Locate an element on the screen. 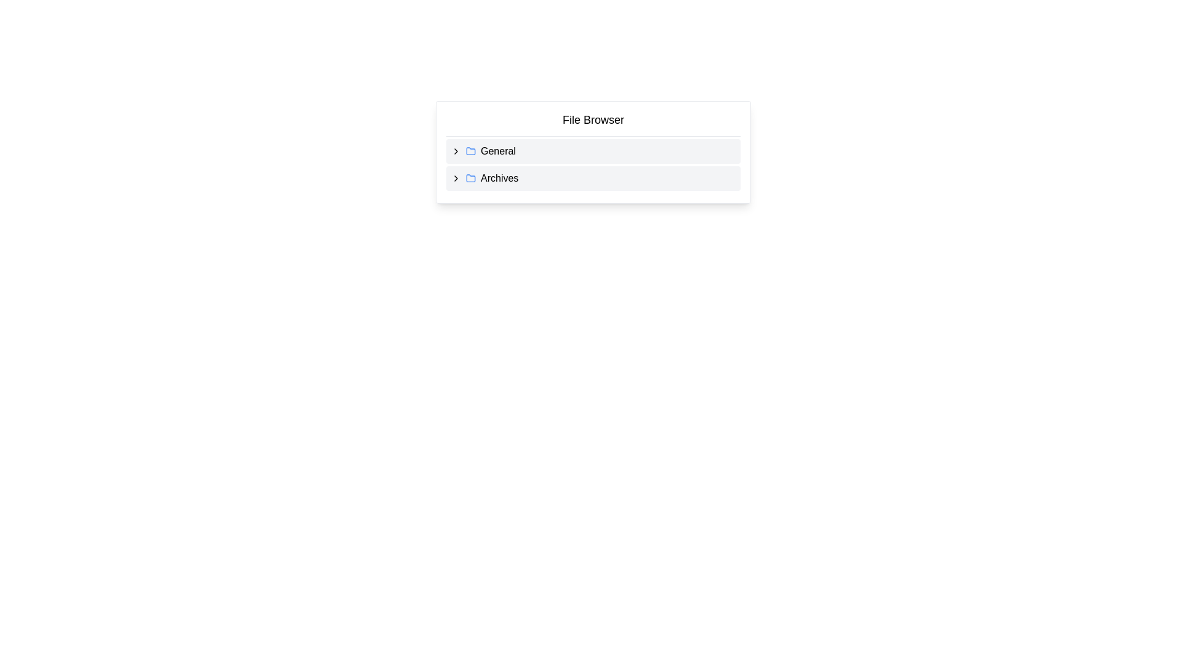 This screenshot has width=1182, height=665. the Chevron icon located to the left of the folder icon for 'Archives' is located at coordinates (455, 178).